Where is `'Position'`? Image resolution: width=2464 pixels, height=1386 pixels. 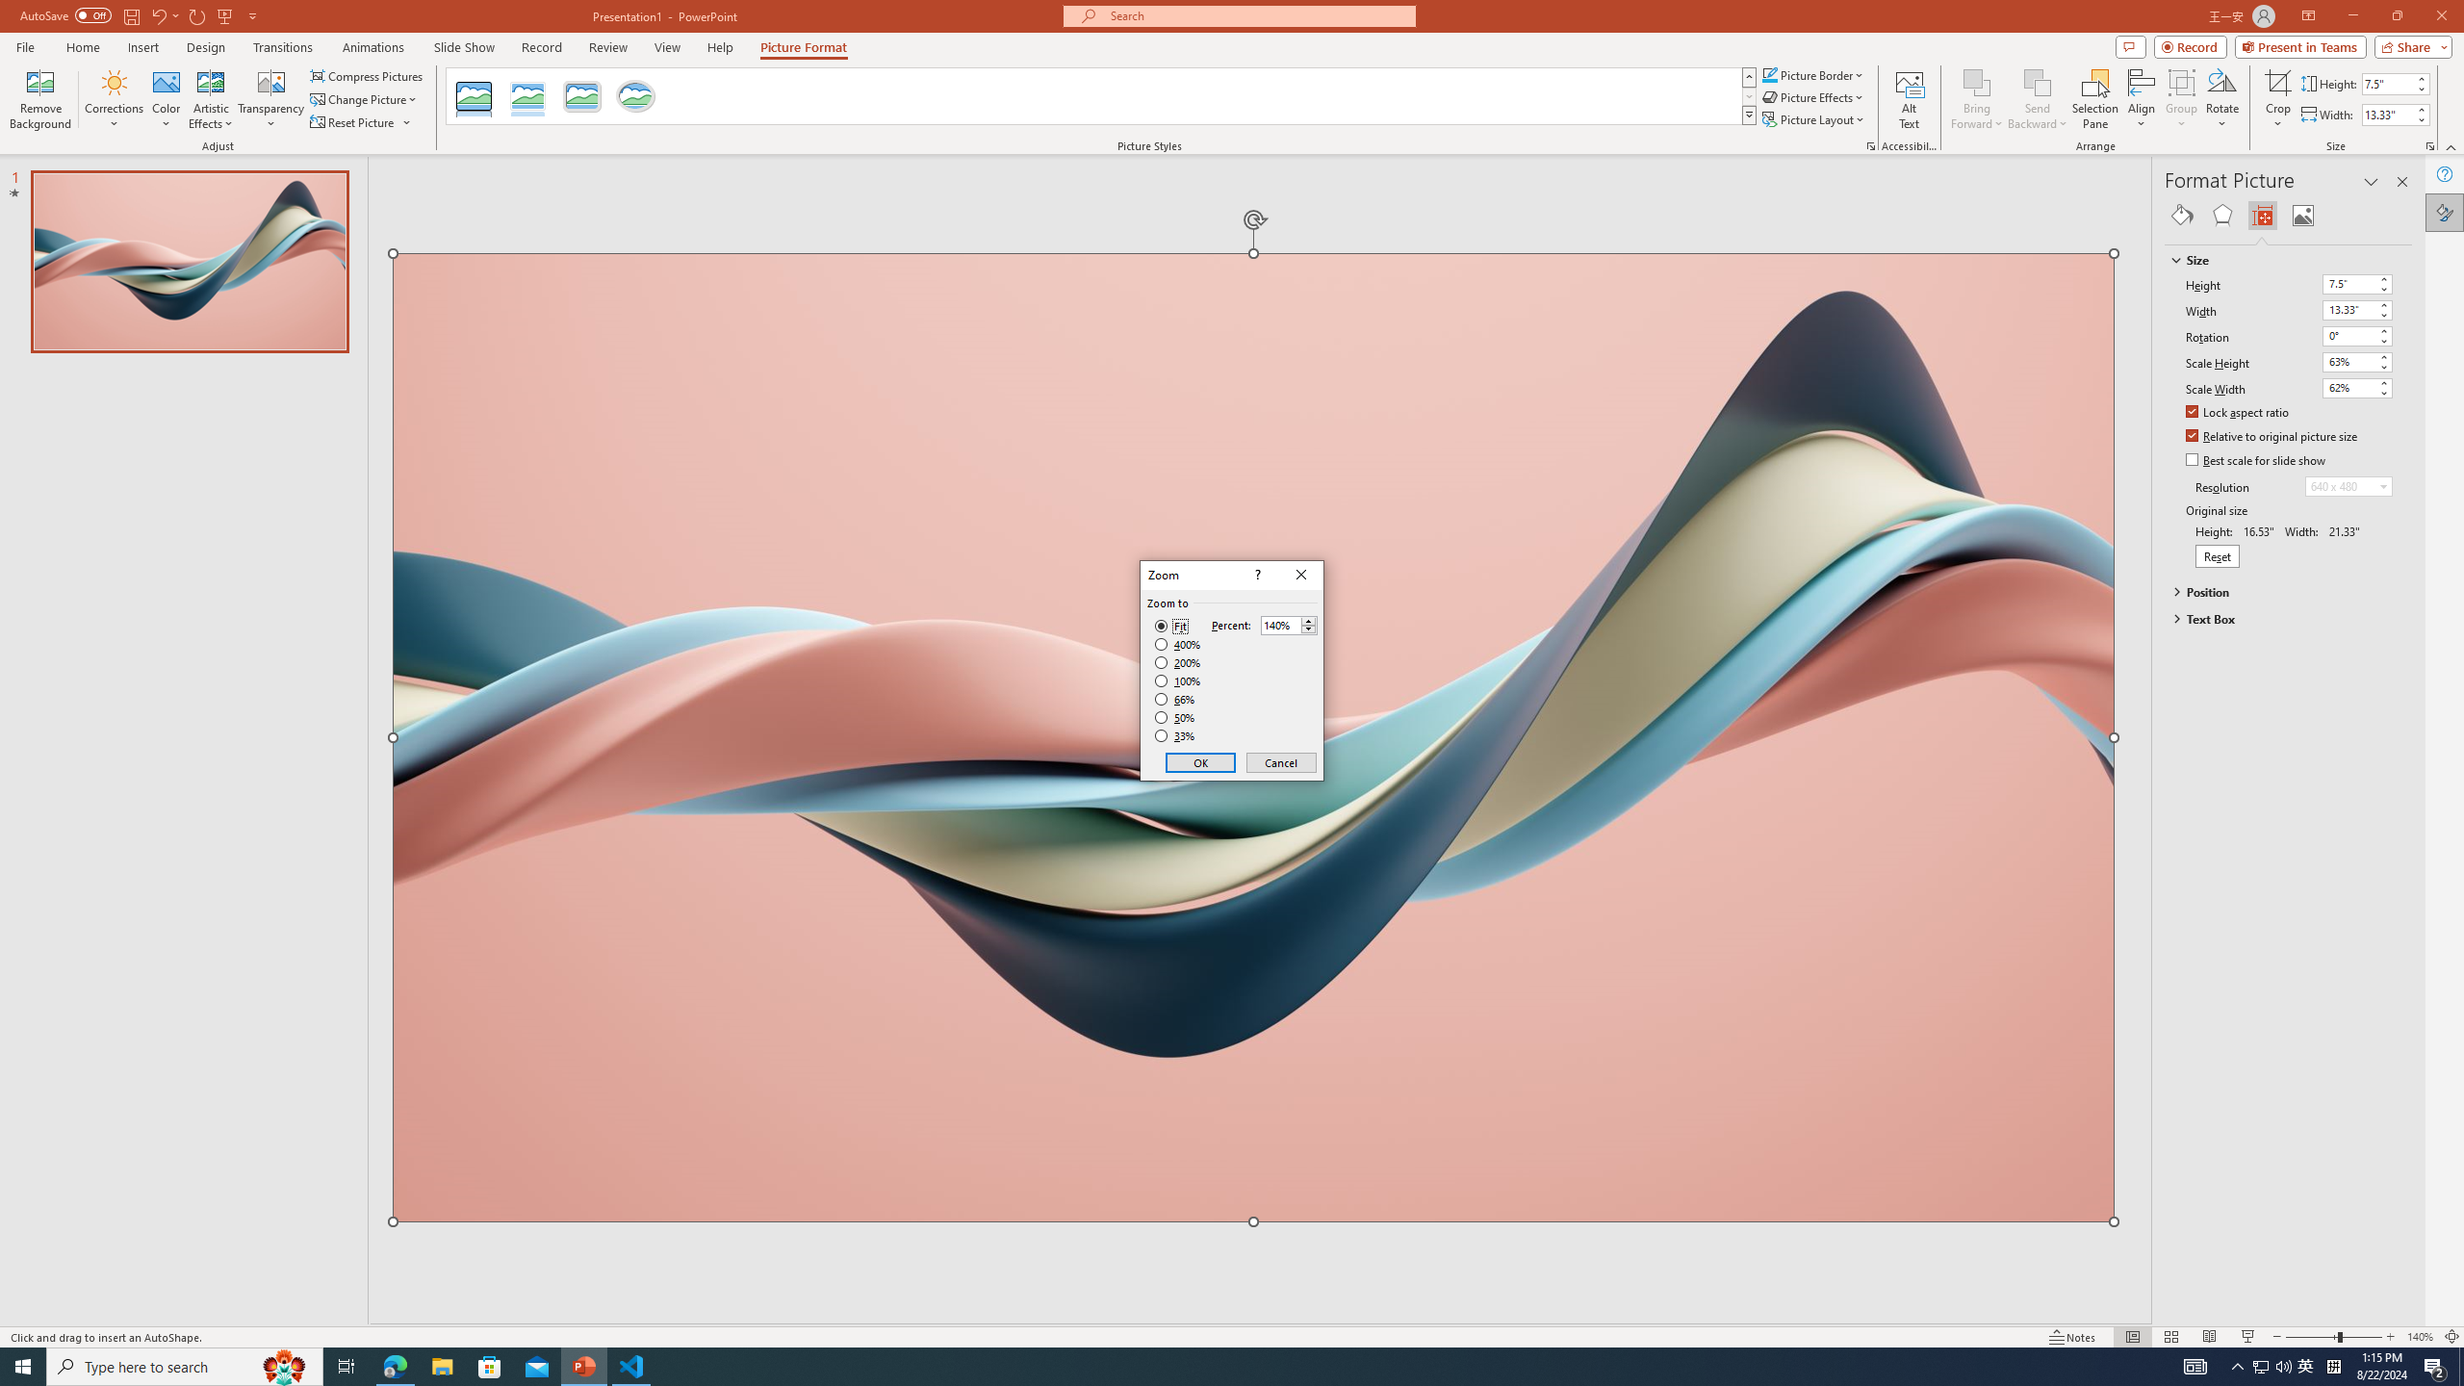 'Position' is located at coordinates (2279, 590).